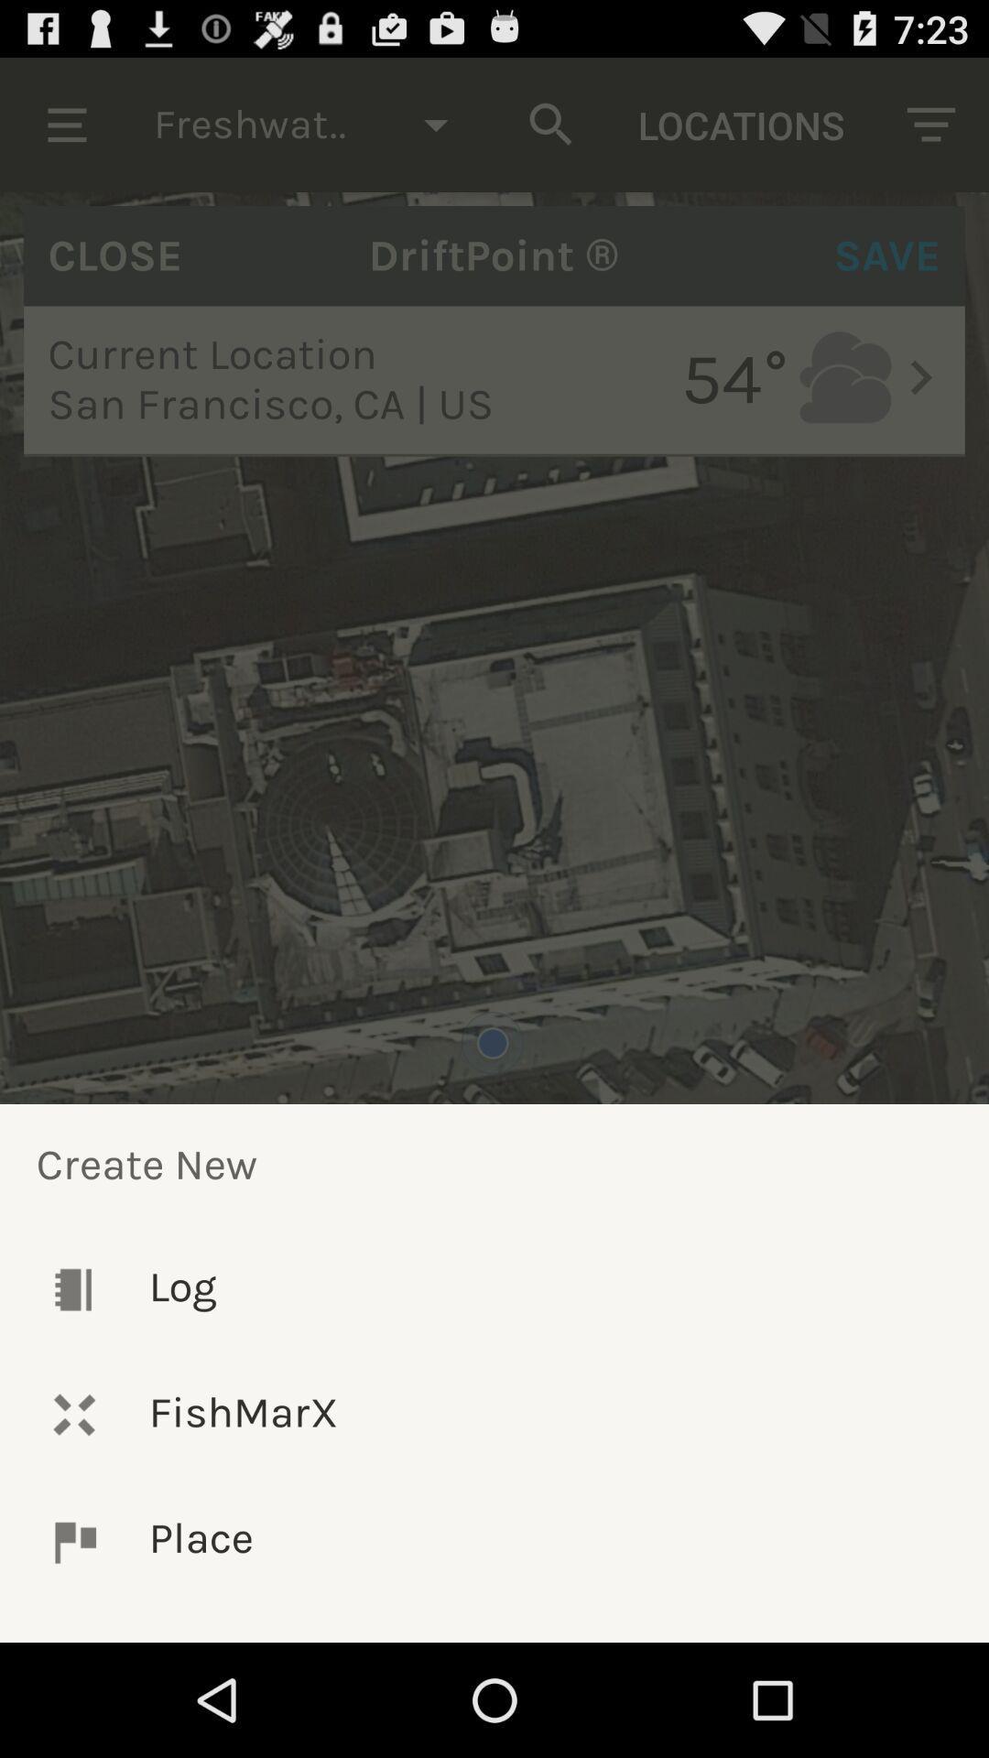  I want to click on the icon above fishmarx, so click(494, 1288).